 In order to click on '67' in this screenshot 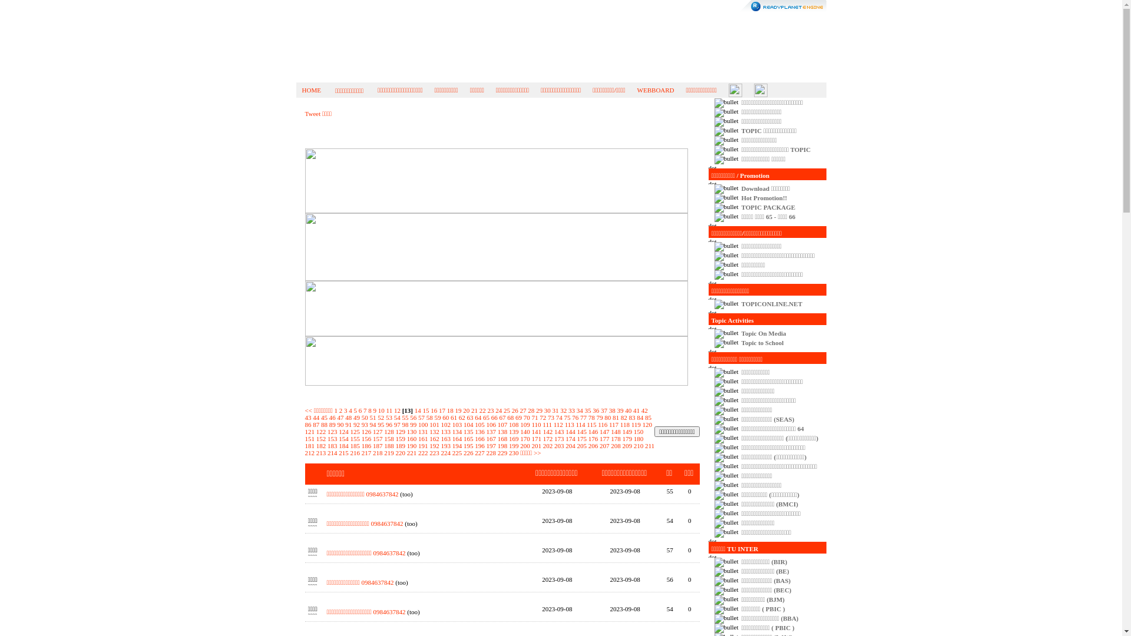, I will do `click(502, 417)`.